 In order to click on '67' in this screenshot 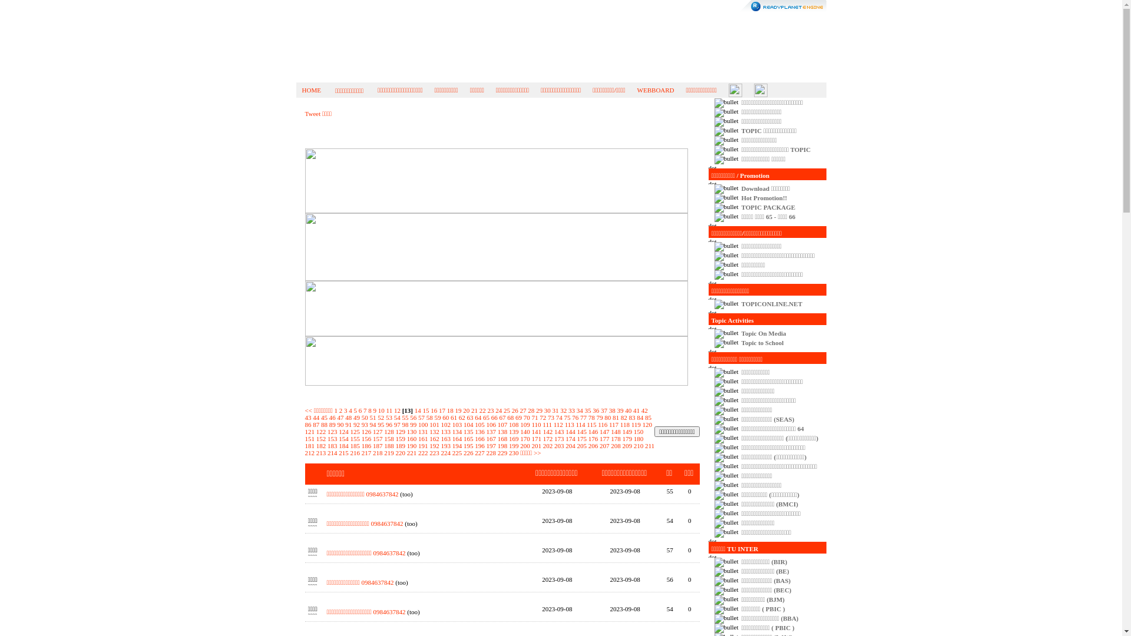, I will do `click(502, 417)`.